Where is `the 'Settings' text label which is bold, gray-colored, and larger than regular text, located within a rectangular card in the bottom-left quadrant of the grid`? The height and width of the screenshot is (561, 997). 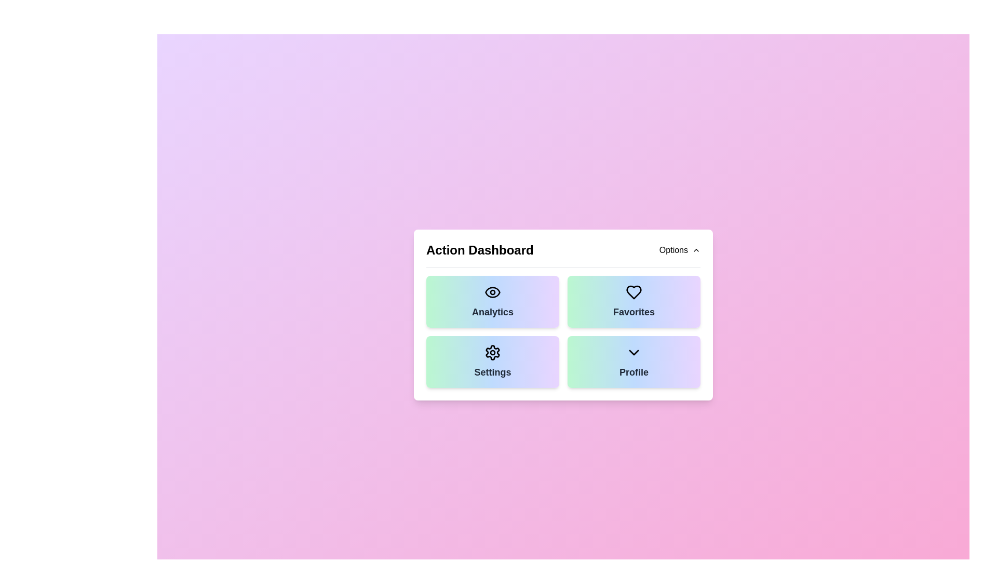 the 'Settings' text label which is bold, gray-colored, and larger than regular text, located within a rectangular card in the bottom-left quadrant of the grid is located at coordinates (492, 371).